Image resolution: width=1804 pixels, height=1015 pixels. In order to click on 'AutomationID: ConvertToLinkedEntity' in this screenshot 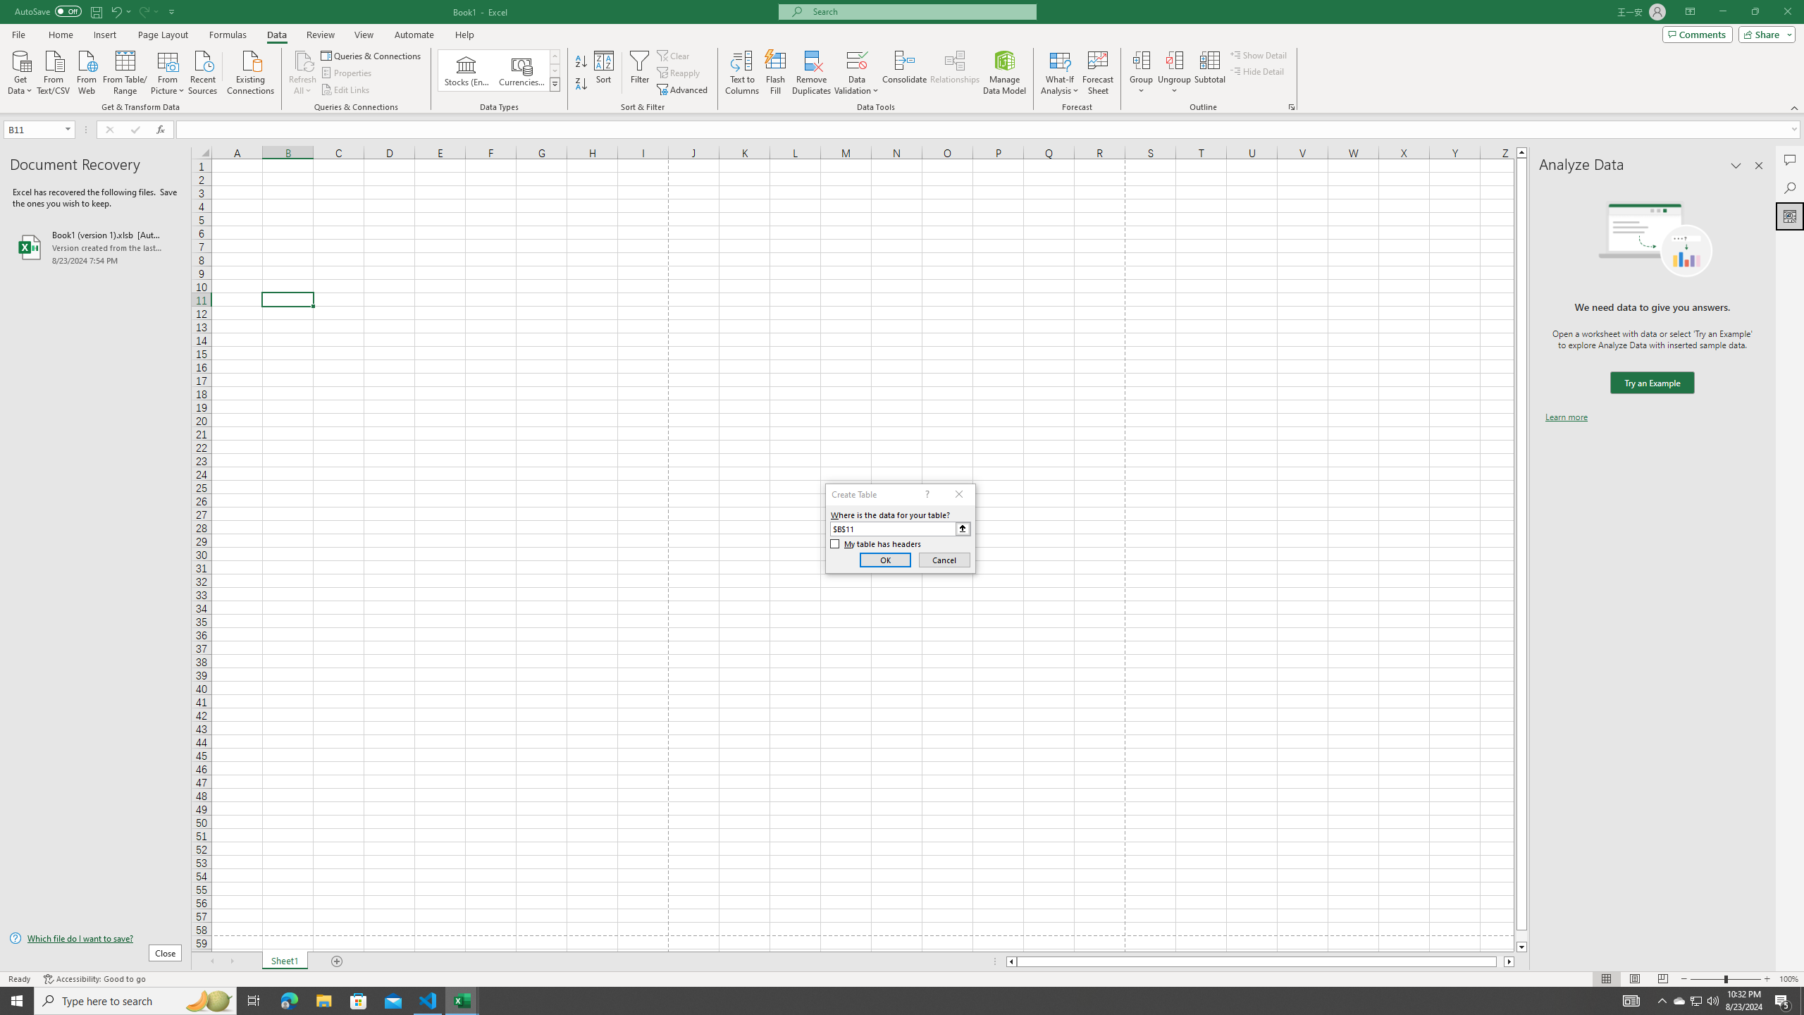, I will do `click(500, 70)`.